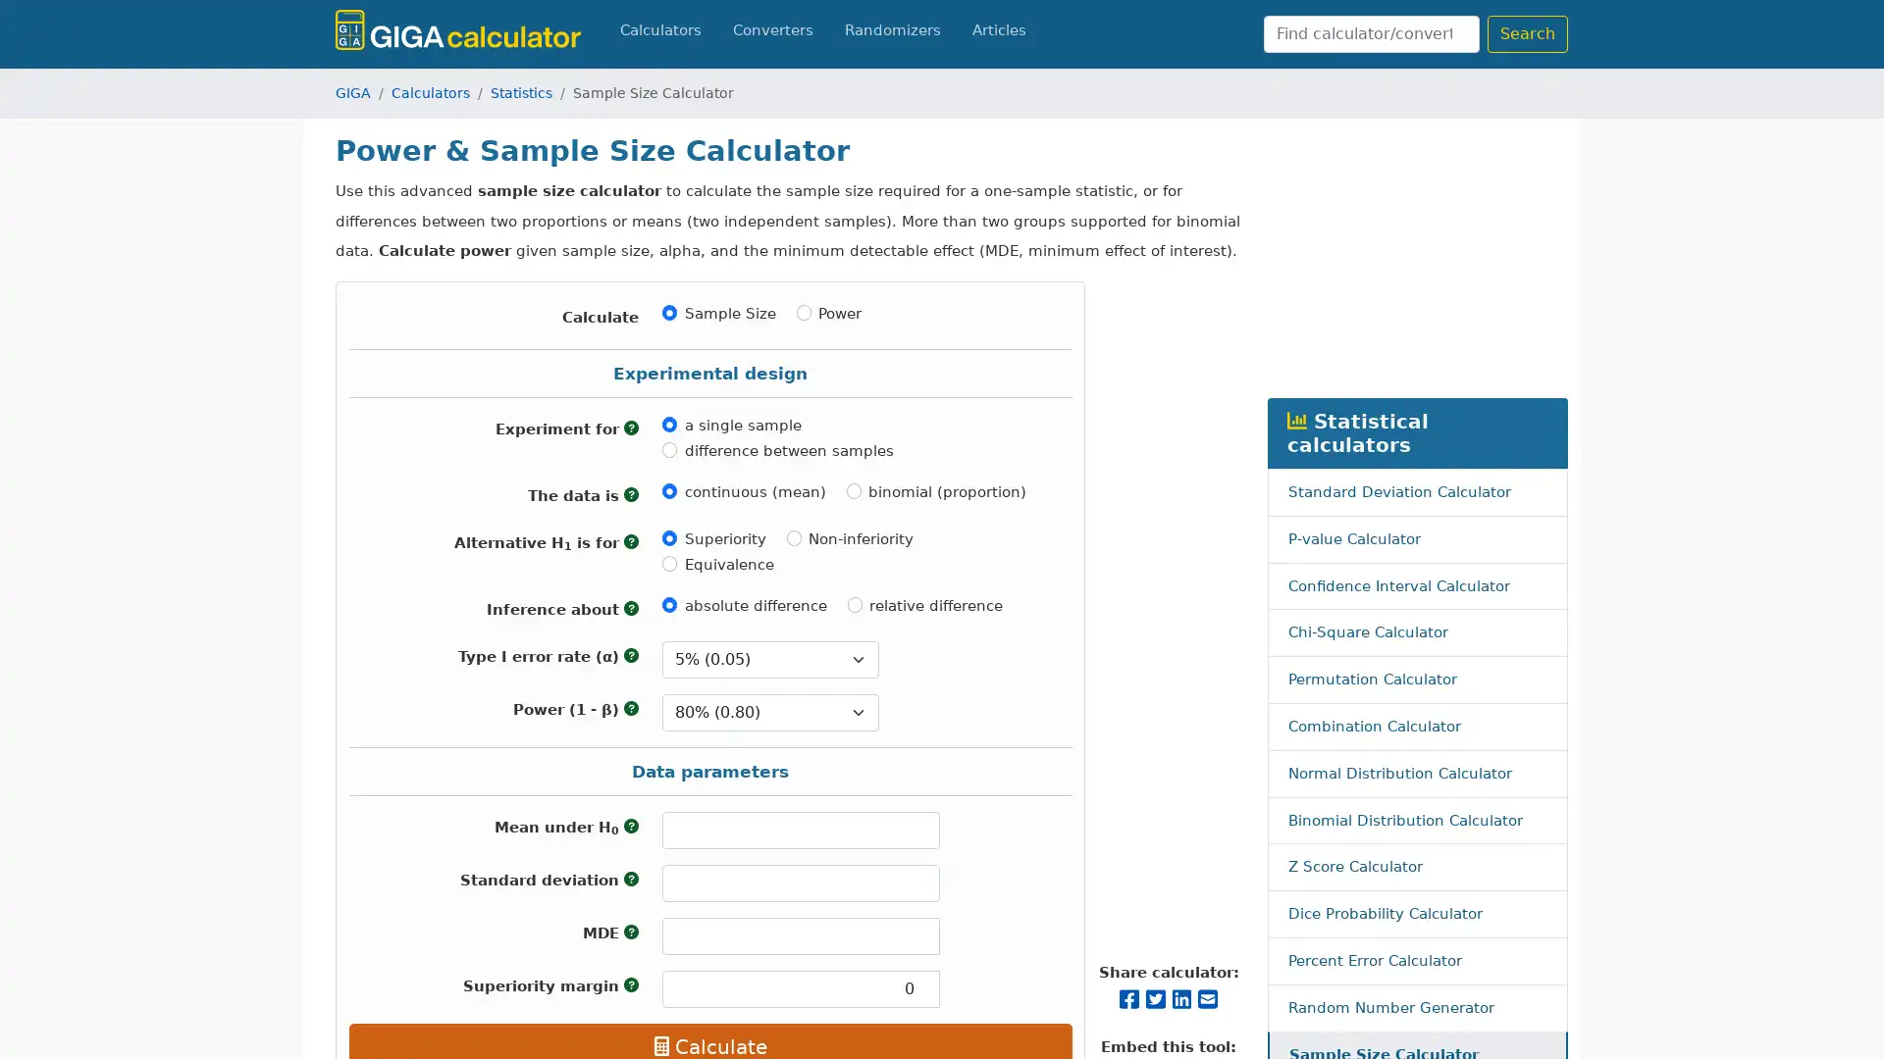  Describe the element at coordinates (630, 608) in the screenshot. I see `Help: Inference about` at that location.